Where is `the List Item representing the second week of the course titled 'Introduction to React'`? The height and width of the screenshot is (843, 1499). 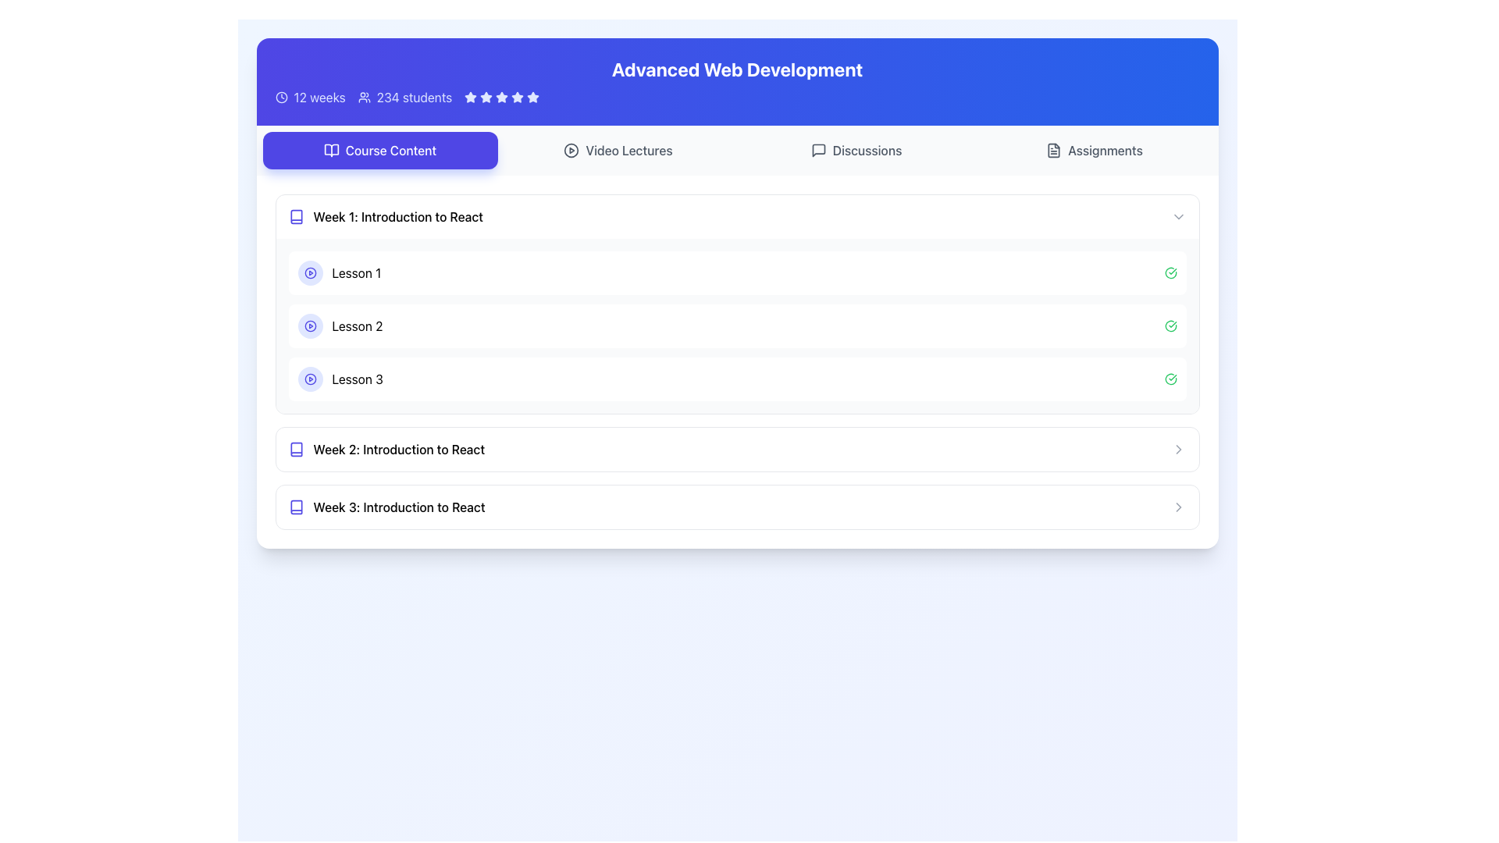 the List Item representing the second week of the course titled 'Introduction to React' is located at coordinates (386, 449).